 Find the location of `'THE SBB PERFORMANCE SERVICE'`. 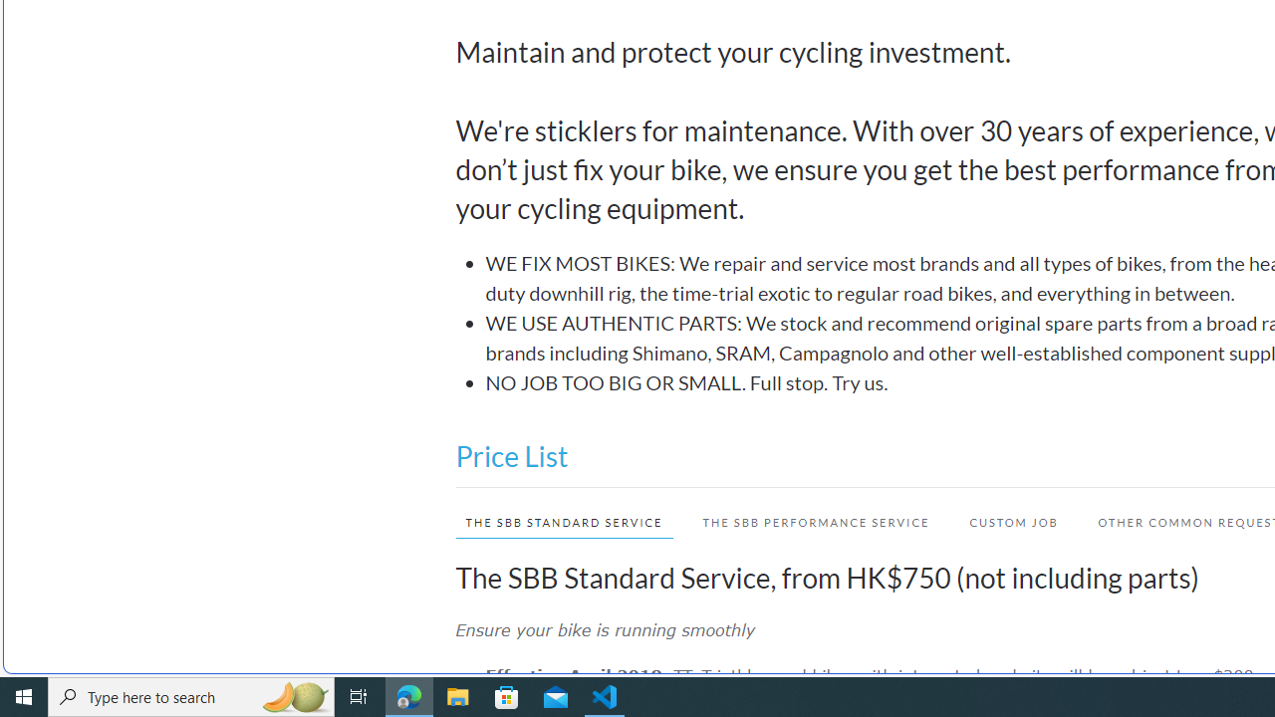

'THE SBB PERFORMANCE SERVICE' is located at coordinates (816, 521).